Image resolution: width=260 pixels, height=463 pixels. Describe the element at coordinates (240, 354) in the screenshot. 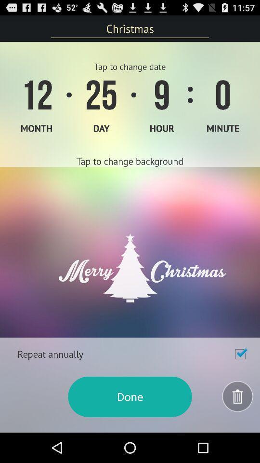

I see `repeat annually option` at that location.